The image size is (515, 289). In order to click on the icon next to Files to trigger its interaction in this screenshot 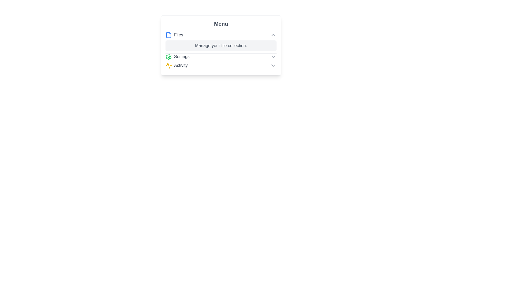, I will do `click(168, 35)`.